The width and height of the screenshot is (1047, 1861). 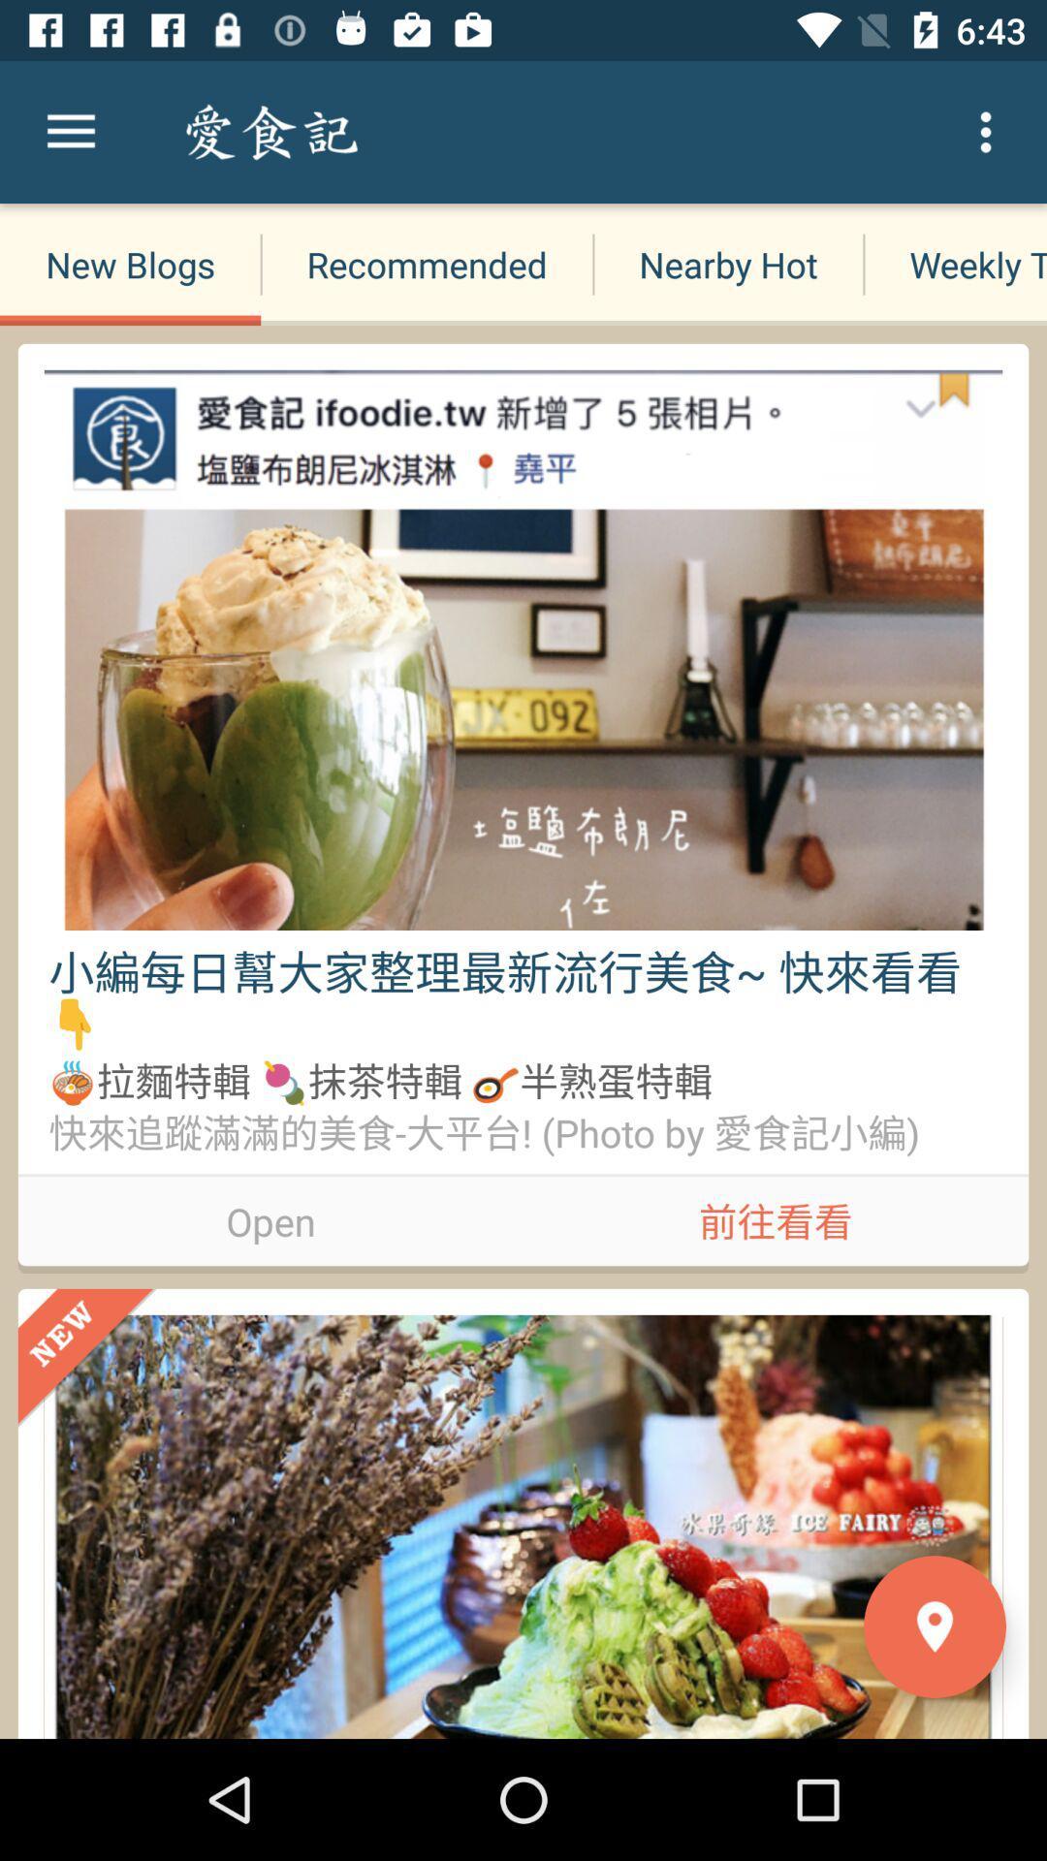 What do you see at coordinates (728, 264) in the screenshot?
I see `icon next to weekly tops icon` at bounding box center [728, 264].